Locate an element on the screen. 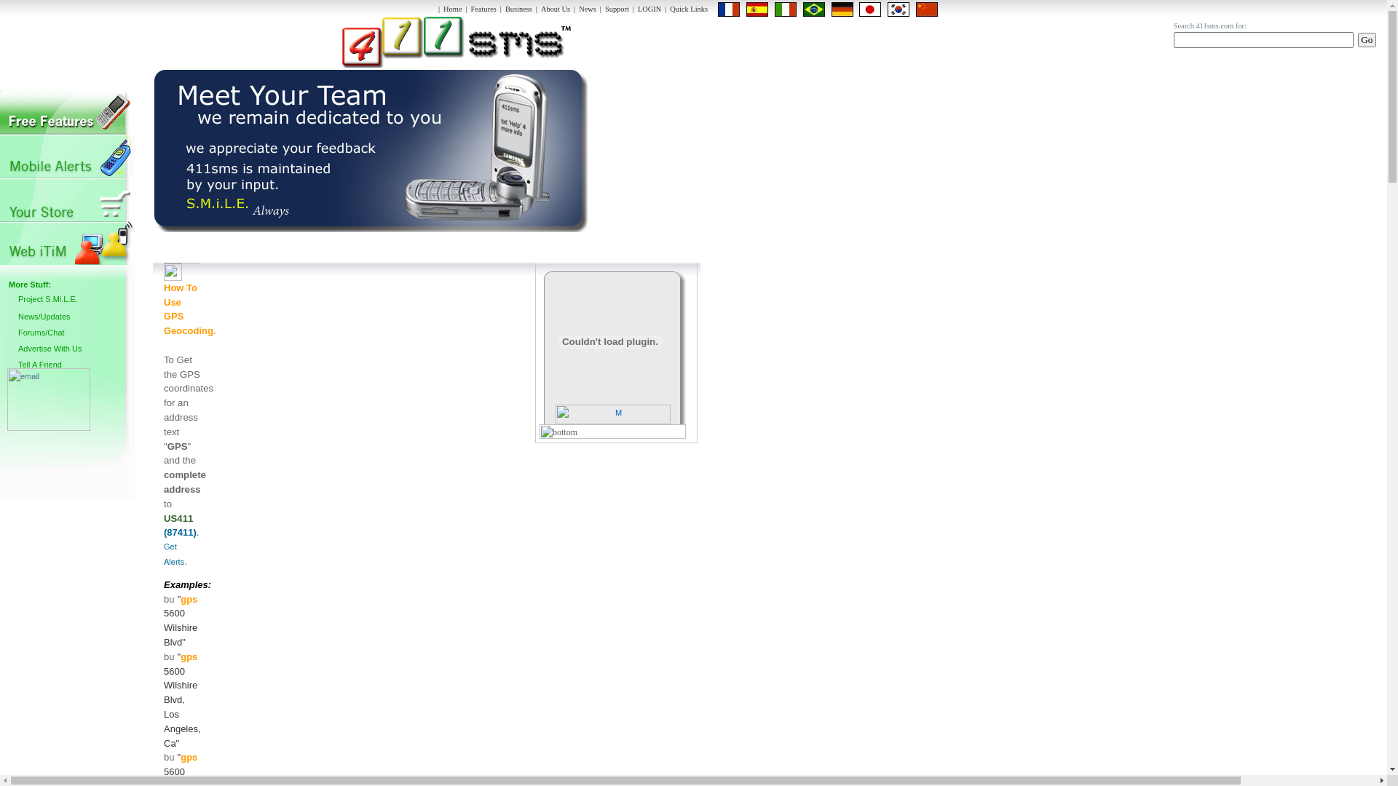 This screenshot has height=786, width=1398. 'en|ko' is located at coordinates (897, 9).